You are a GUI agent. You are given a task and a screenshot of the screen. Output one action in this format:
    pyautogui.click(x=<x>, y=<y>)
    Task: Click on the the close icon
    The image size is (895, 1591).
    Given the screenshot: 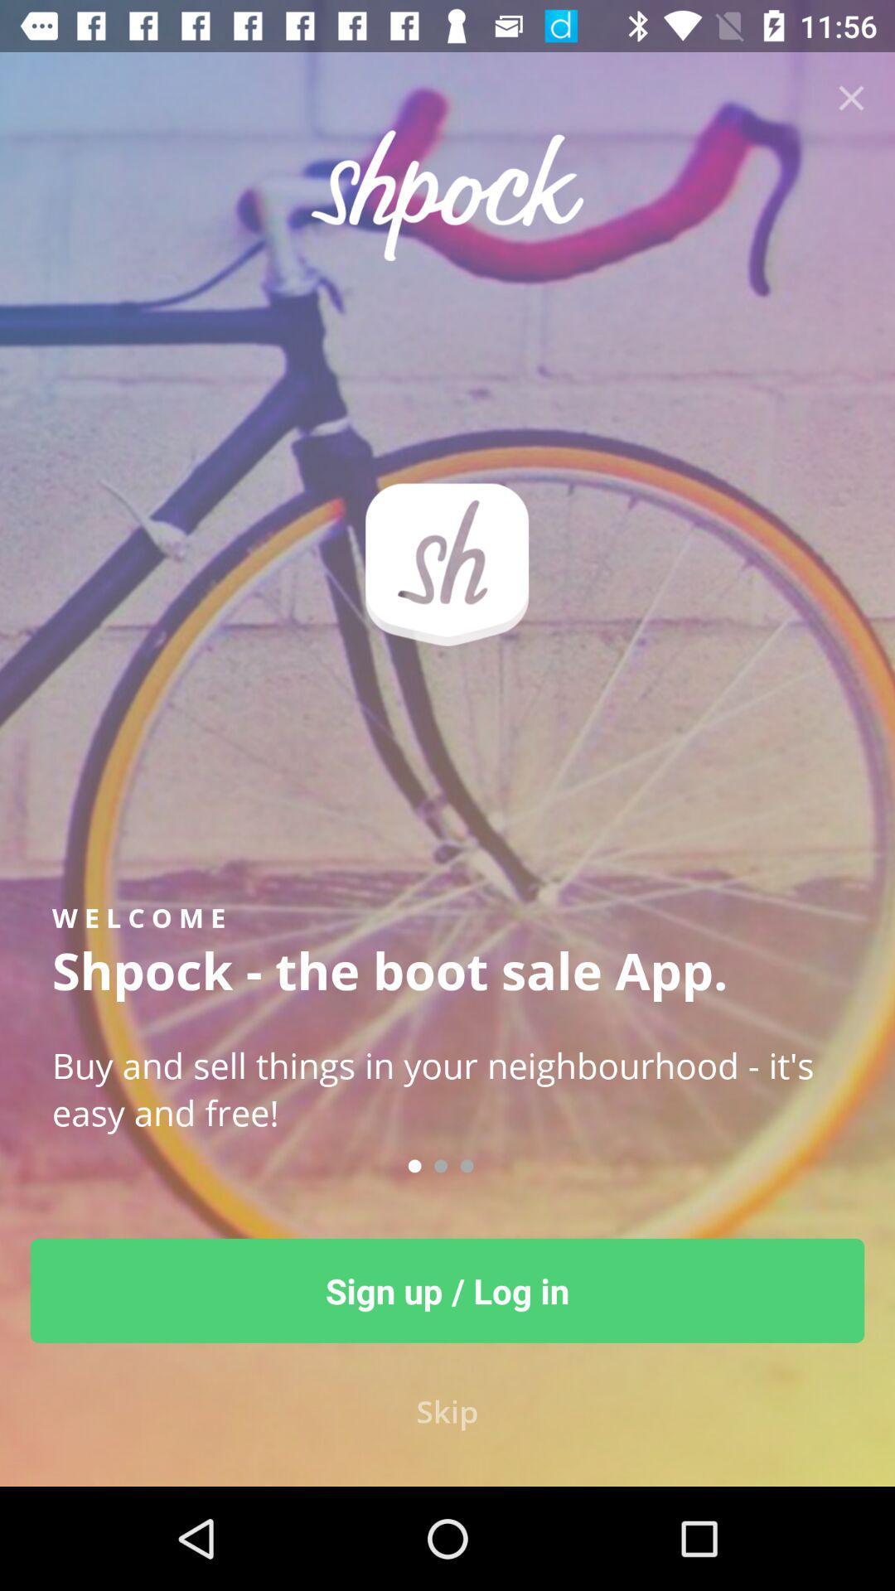 What is the action you would take?
    pyautogui.click(x=851, y=97)
    